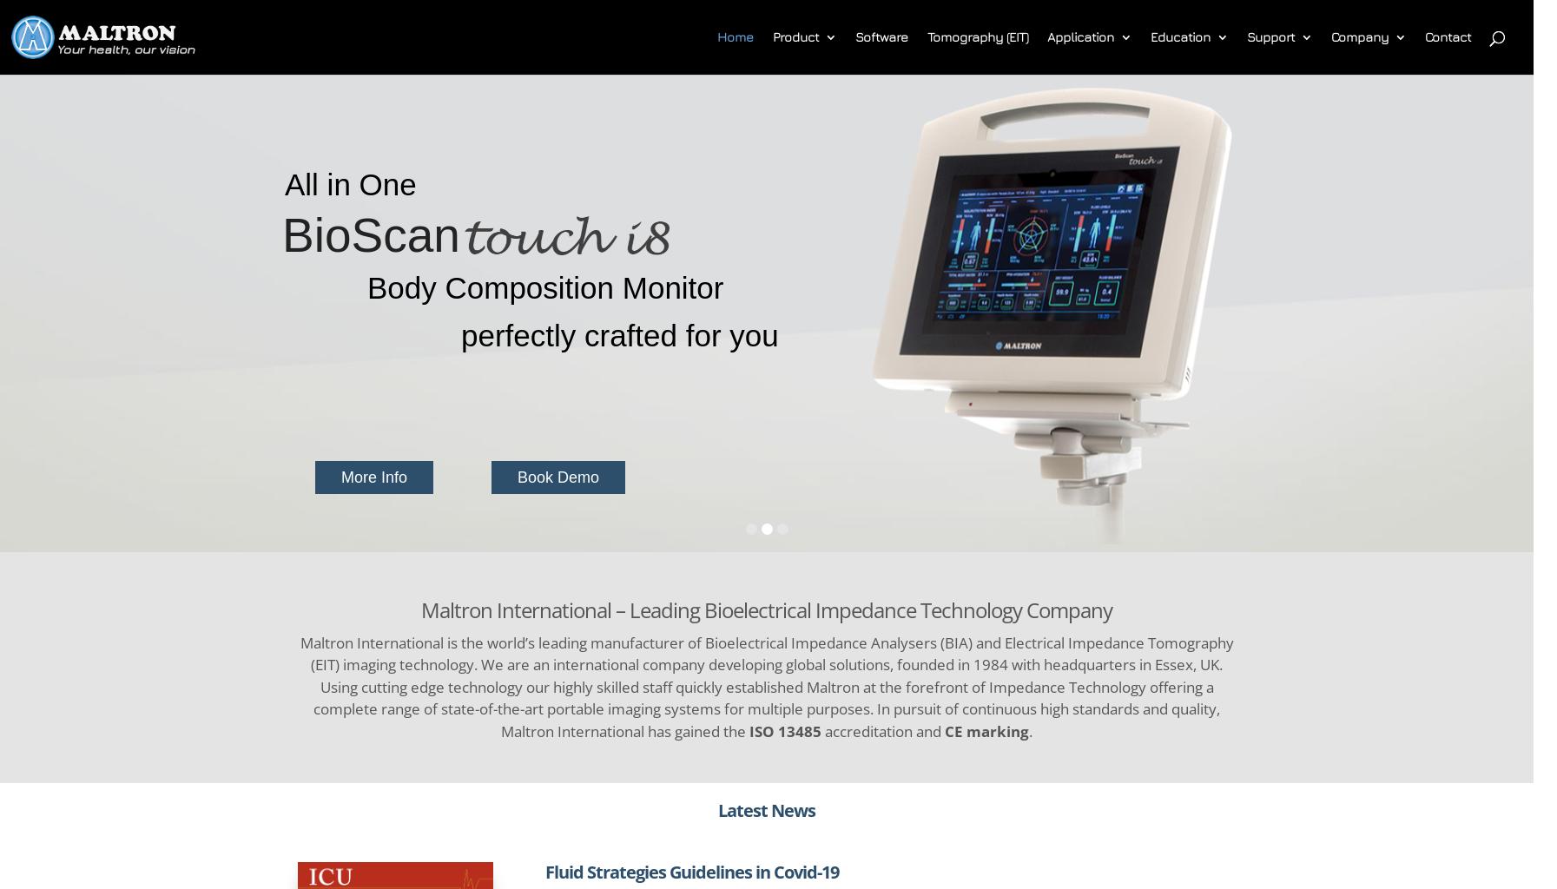  Describe the element at coordinates (986, 729) in the screenshot. I see `'CE marking'` at that location.